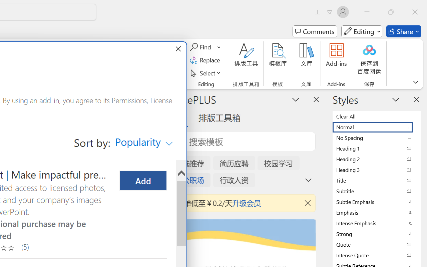 The image size is (427, 267). What do you see at coordinates (377, 180) in the screenshot?
I see `'Title'` at bounding box center [377, 180].